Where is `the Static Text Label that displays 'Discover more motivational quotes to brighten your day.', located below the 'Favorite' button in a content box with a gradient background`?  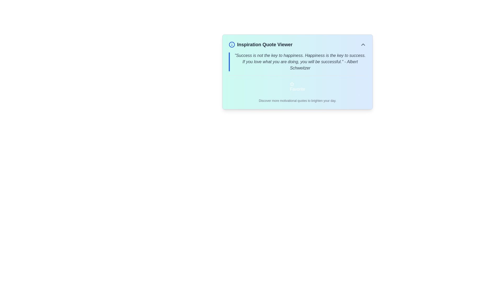 the Static Text Label that displays 'Discover more motivational quotes to brighten your day.', located below the 'Favorite' button in a content box with a gradient background is located at coordinates (297, 101).